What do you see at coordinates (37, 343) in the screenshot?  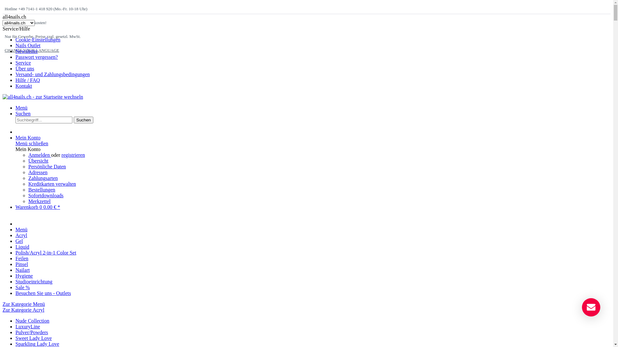 I see `'Sparkling Lady Love'` at bounding box center [37, 343].